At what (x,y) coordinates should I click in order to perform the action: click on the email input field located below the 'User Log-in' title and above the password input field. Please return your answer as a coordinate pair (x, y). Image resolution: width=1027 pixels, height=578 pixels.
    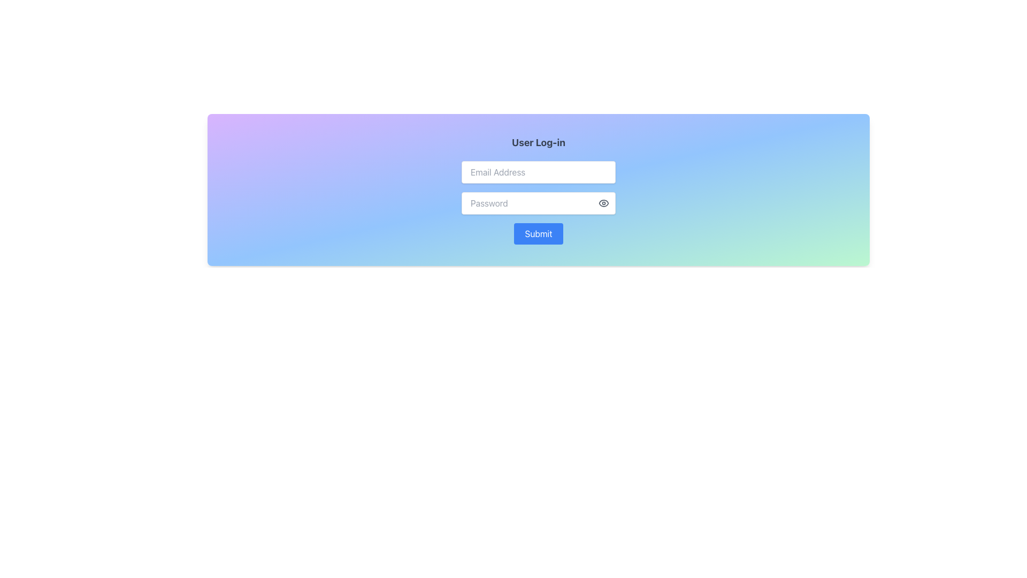
    Looking at the image, I should click on (539, 171).